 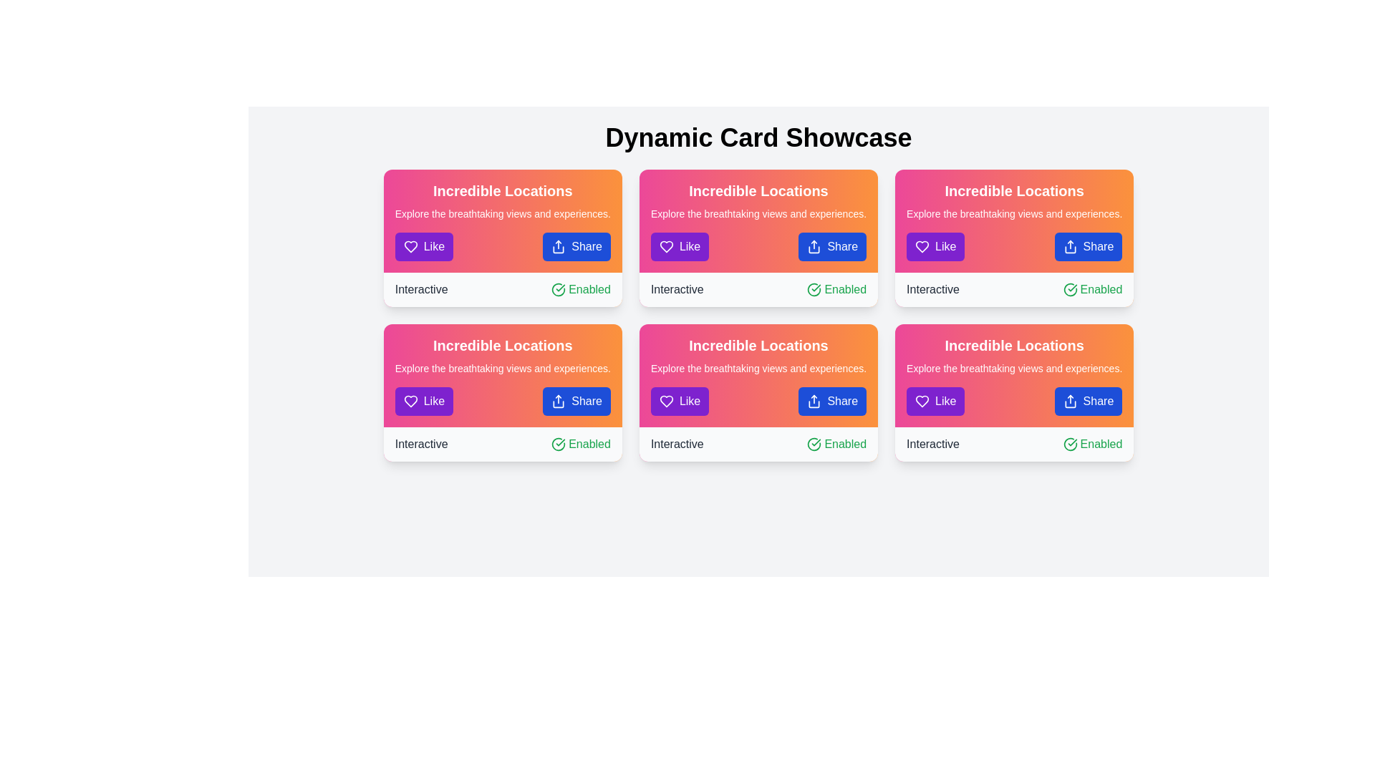 I want to click on the 'Enabled' label with a green checkmark icon located in the bottom-right corner of the second card in the first row of the grid layout, so click(x=1092, y=290).